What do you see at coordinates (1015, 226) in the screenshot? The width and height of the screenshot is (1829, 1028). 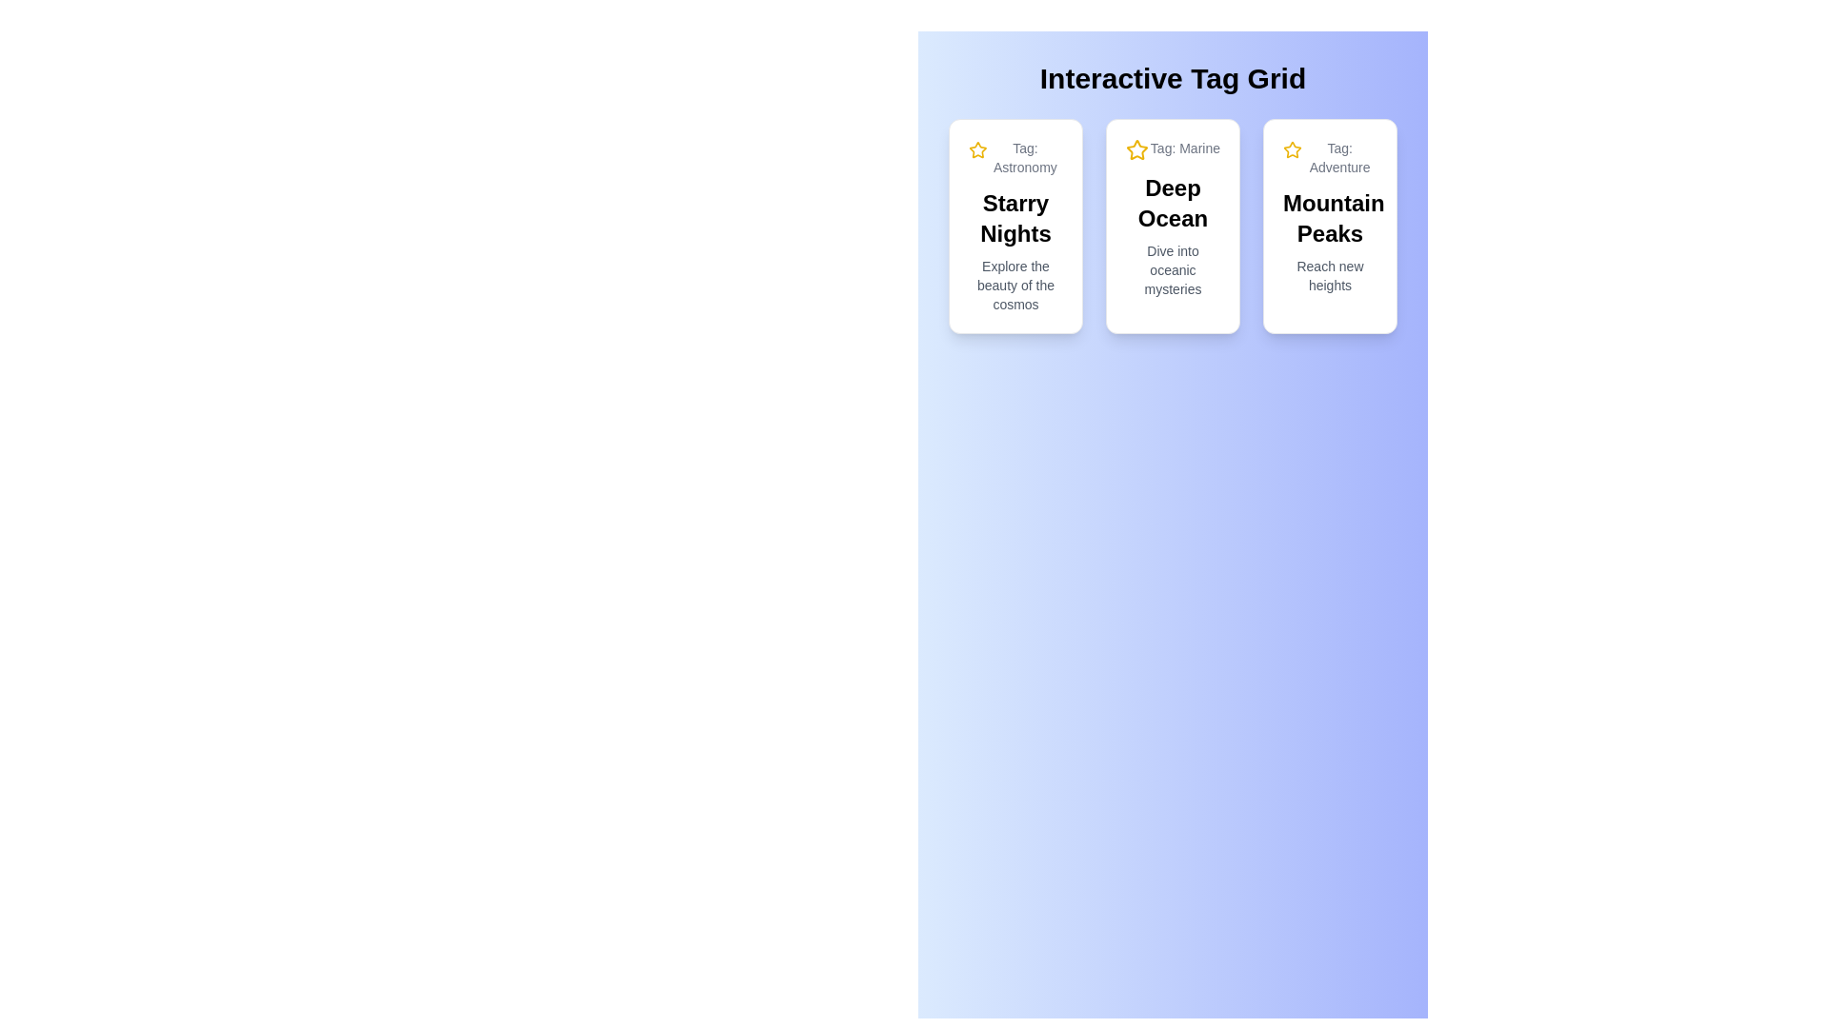 I see `the 'Starry Nights' theme card, which is the first card in a grid layout, to trigger a visual effect` at bounding box center [1015, 226].